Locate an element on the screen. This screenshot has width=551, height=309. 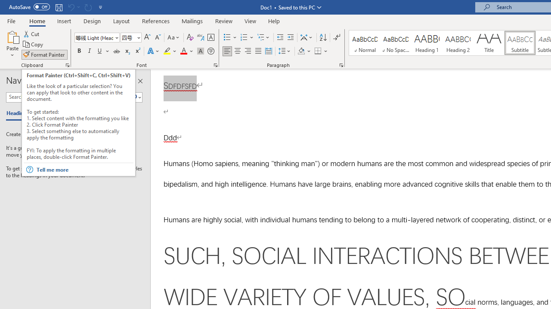
'Can' is located at coordinates (73, 7).